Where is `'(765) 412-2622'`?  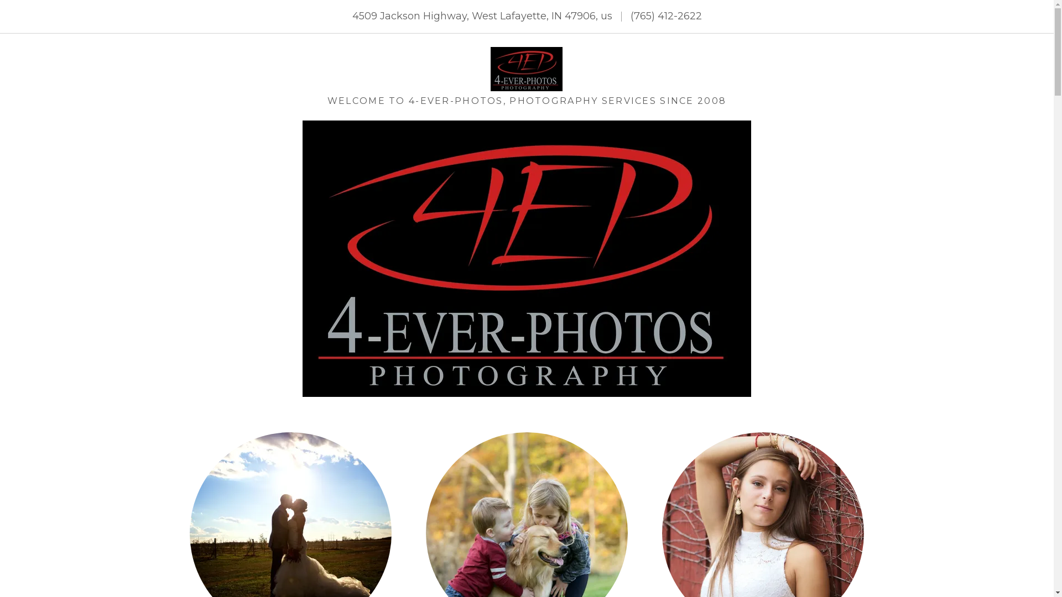
'(765) 412-2622' is located at coordinates (665, 16).